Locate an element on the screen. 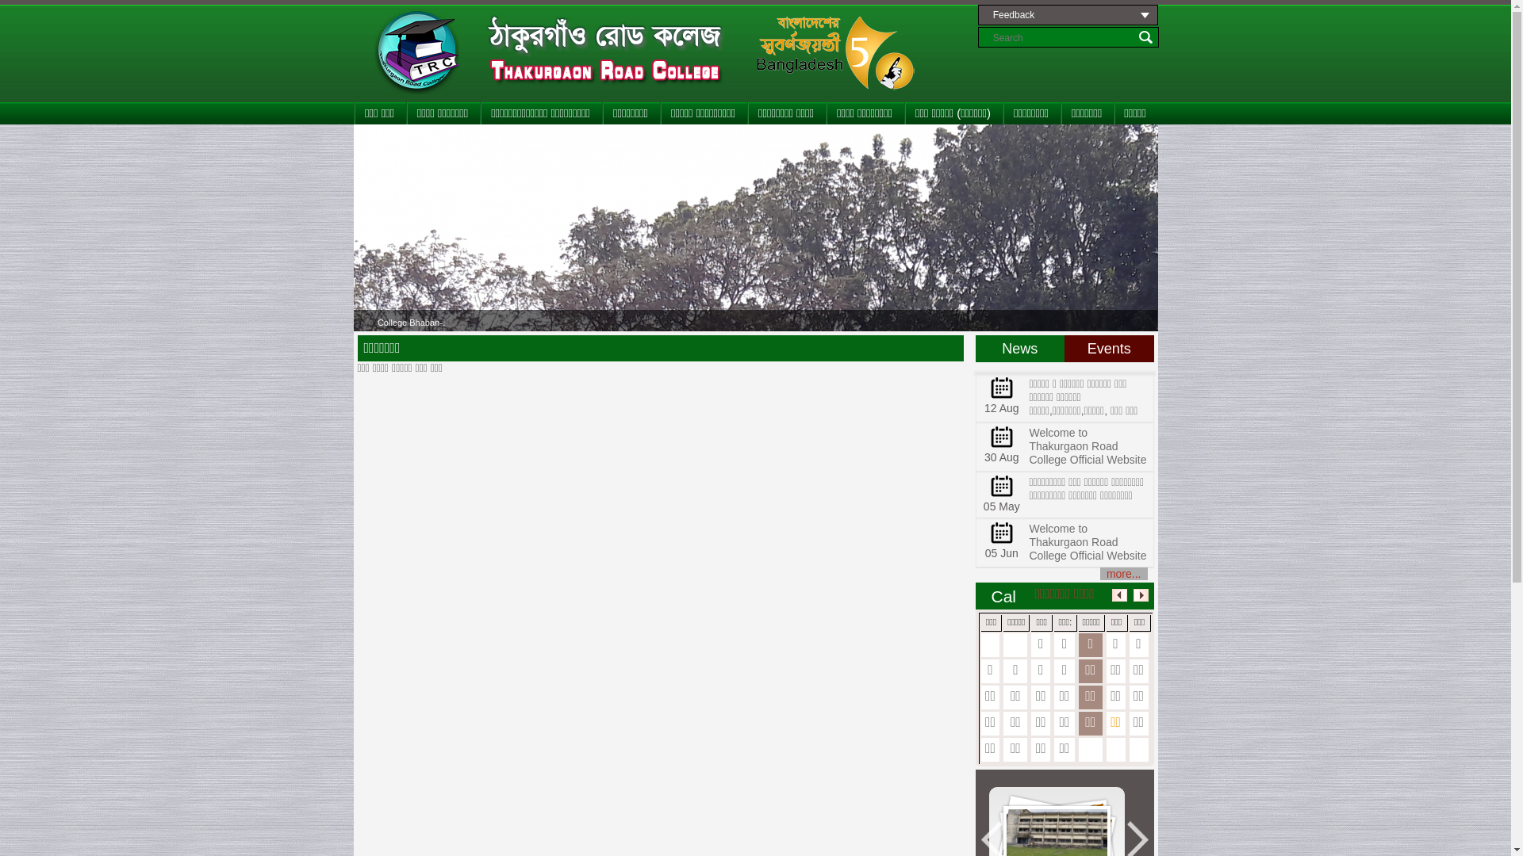 The height and width of the screenshot is (856, 1523). 'Events' is located at coordinates (1108, 347).